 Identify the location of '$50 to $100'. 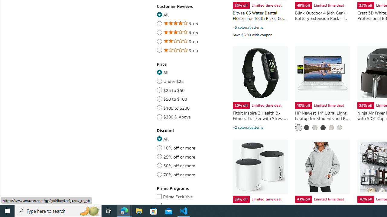
(159, 98).